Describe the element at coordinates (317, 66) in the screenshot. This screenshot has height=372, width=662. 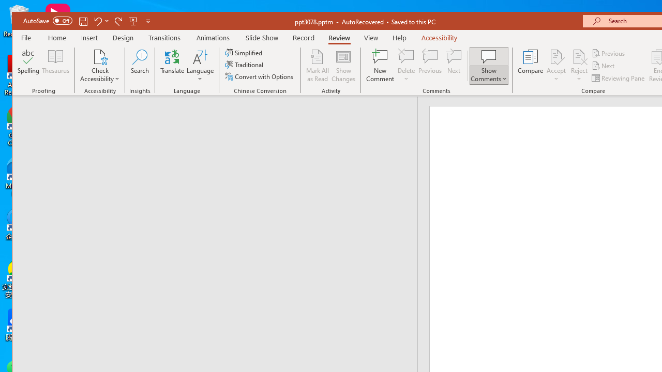
I see `'Mark All as Read'` at that location.